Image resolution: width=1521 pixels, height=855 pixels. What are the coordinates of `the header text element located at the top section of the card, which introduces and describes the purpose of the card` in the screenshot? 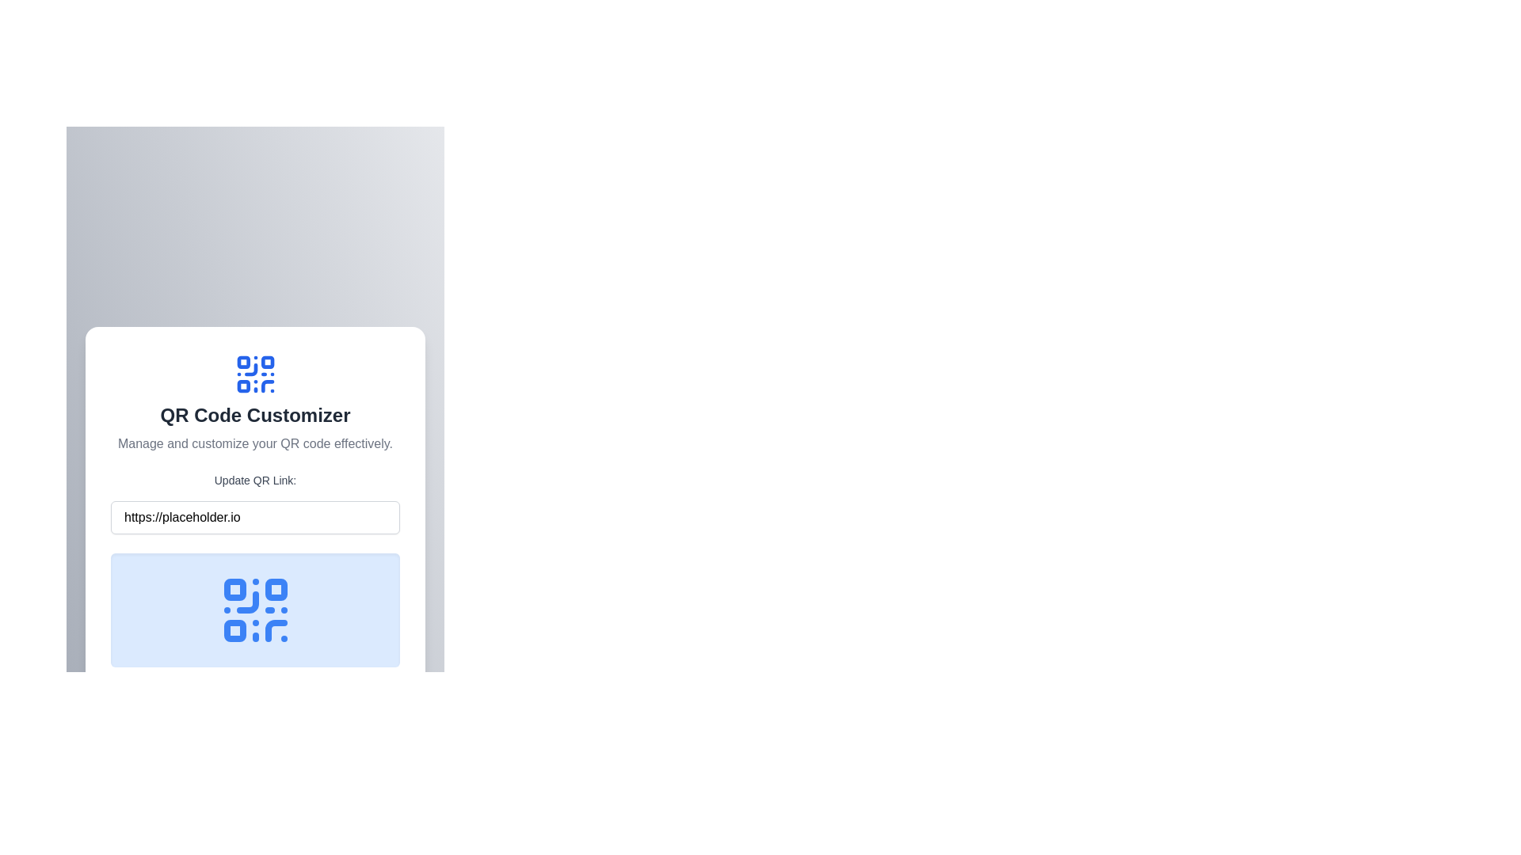 It's located at (255, 414).